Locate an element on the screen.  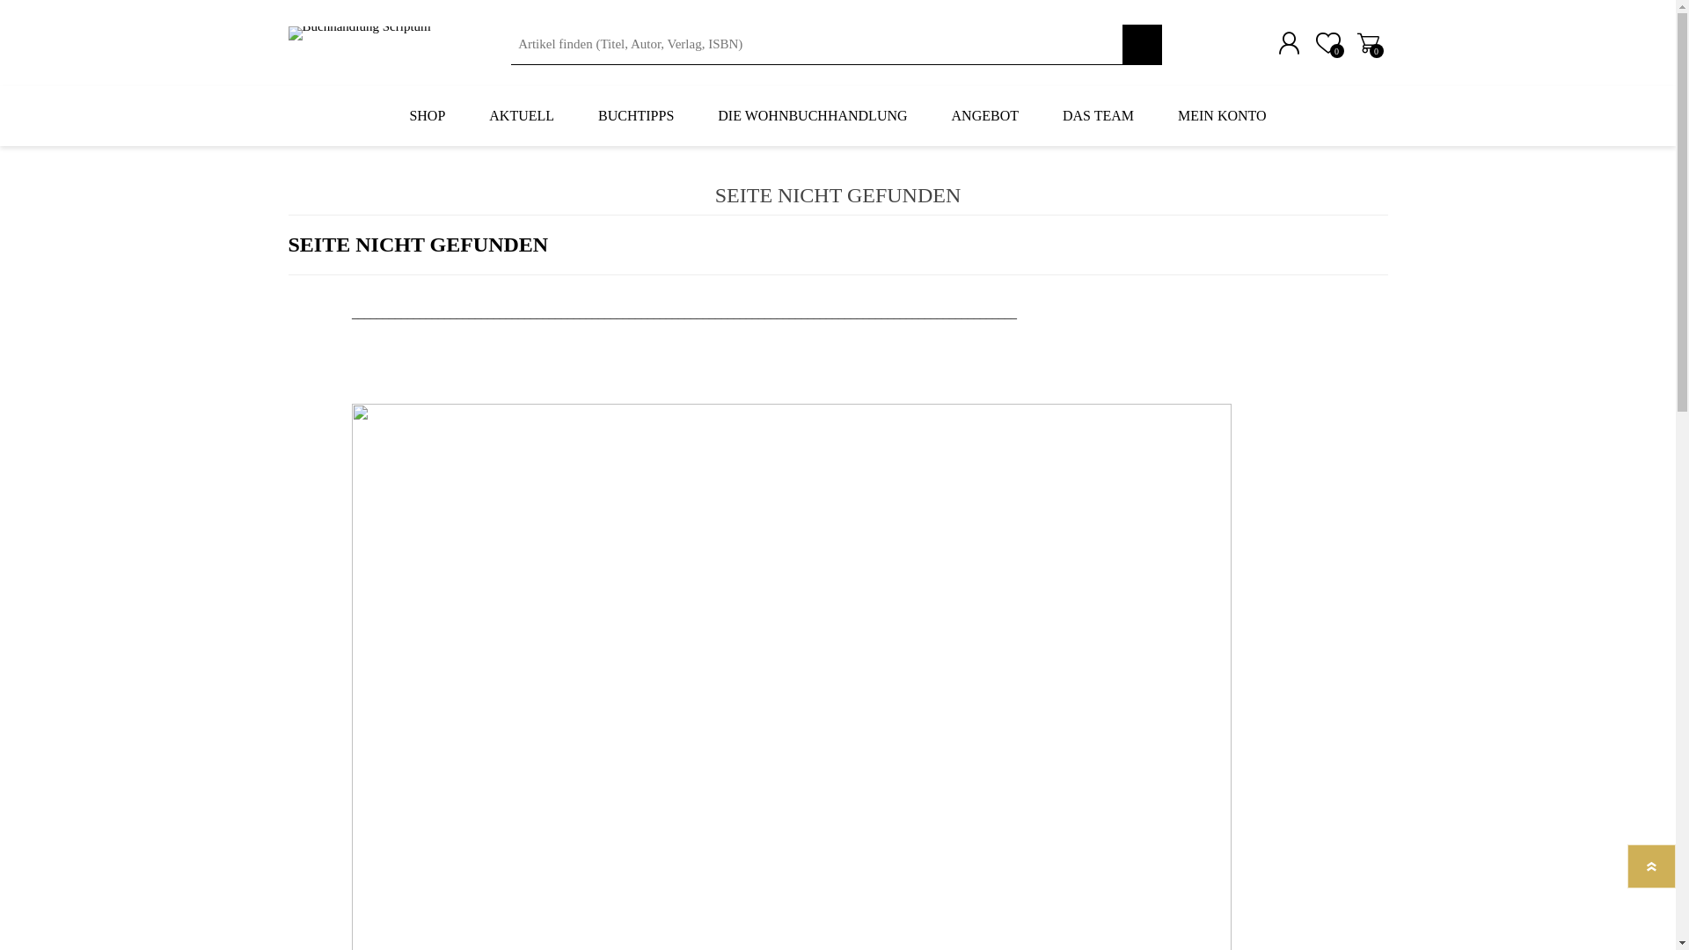
'AKTUELL' is located at coordinates (521, 115).